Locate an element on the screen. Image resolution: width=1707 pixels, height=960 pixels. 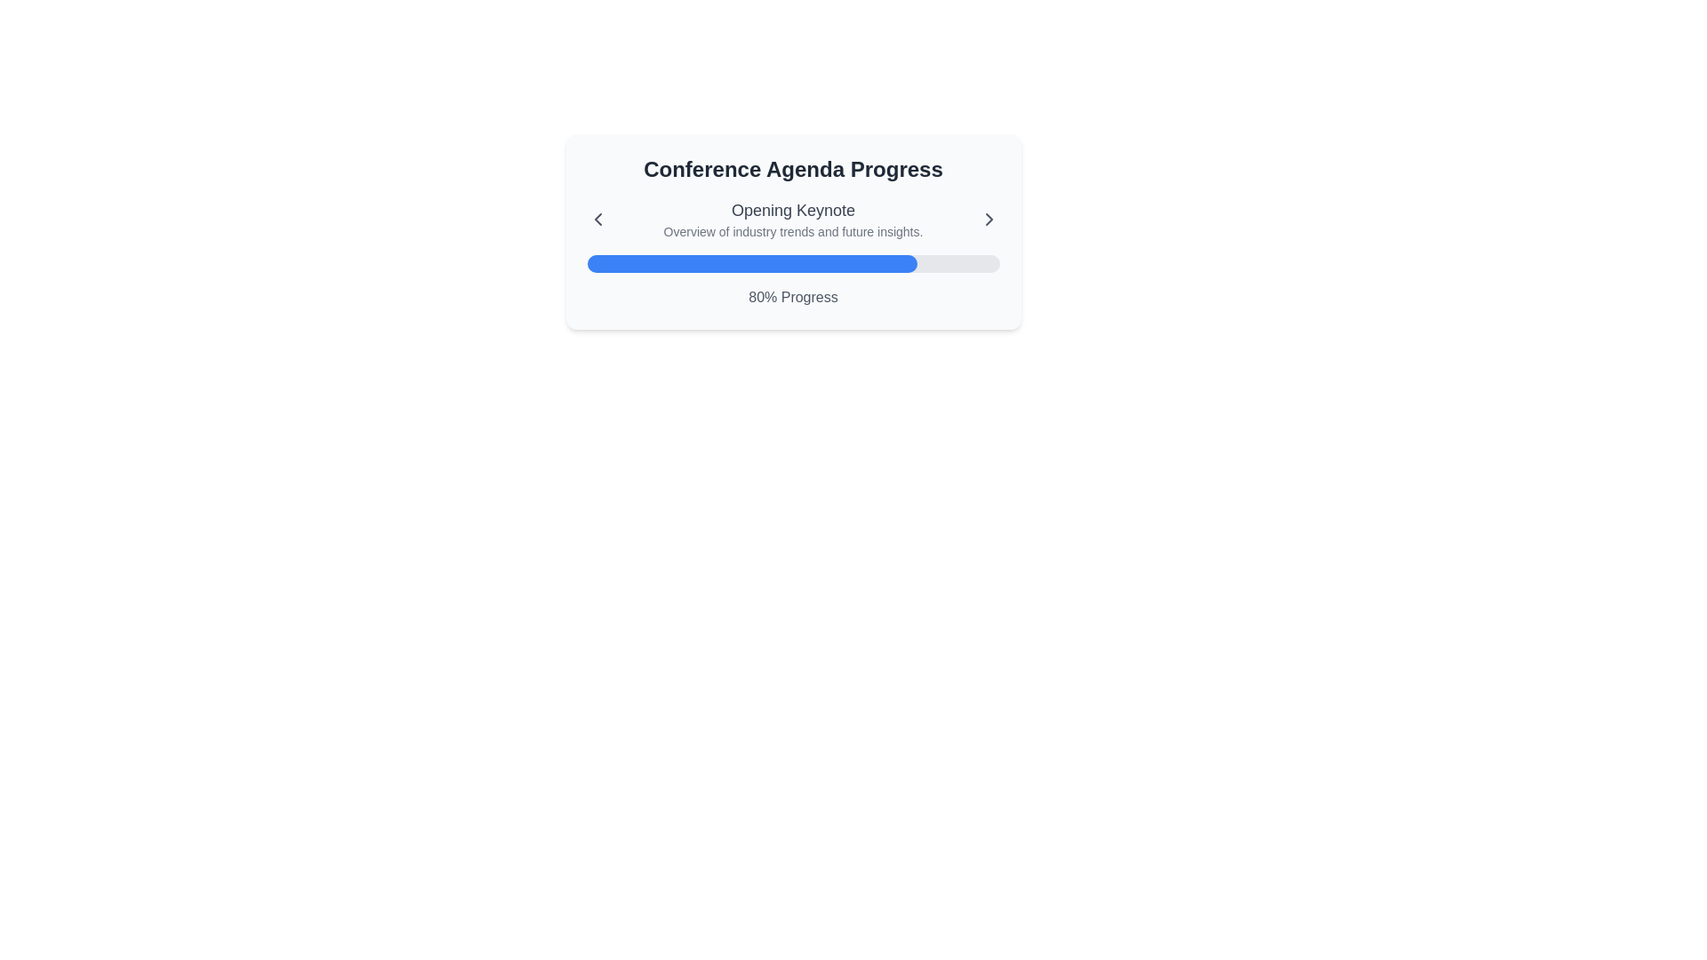
the leftward chevron symbol within the SVG graphic that represents a backward navigation action is located at coordinates (597, 218).